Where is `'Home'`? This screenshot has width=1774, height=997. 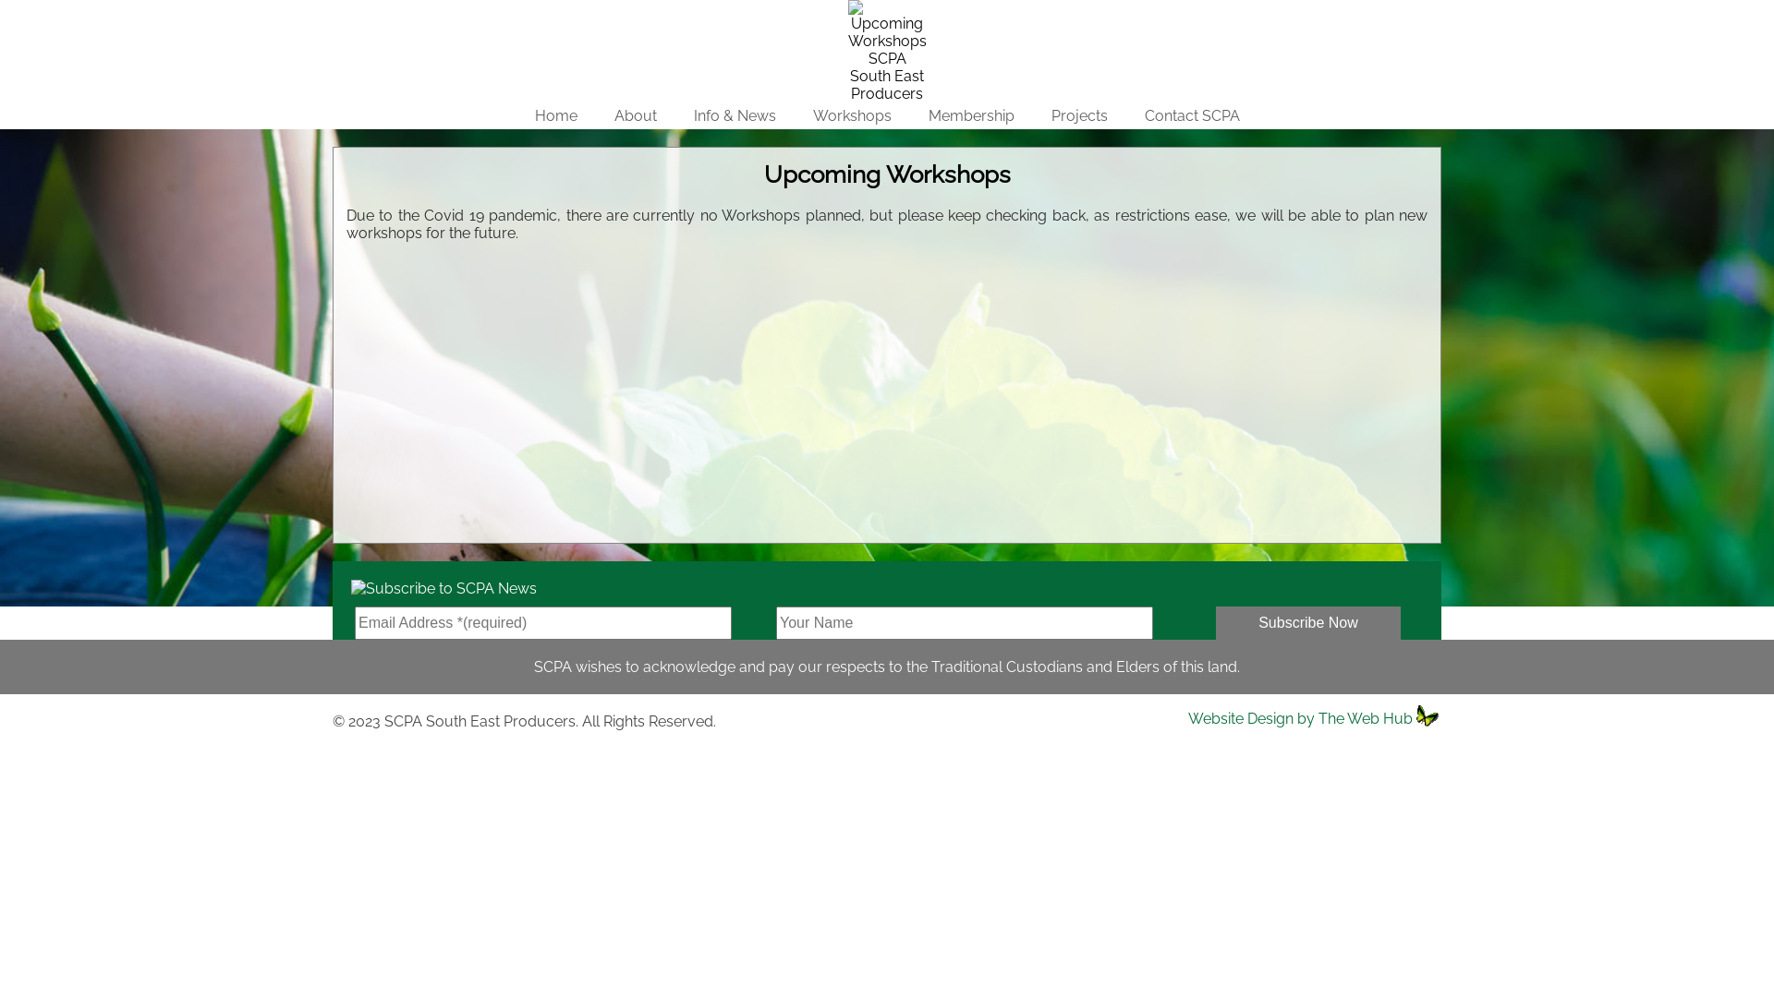 'Home' is located at coordinates (553, 115).